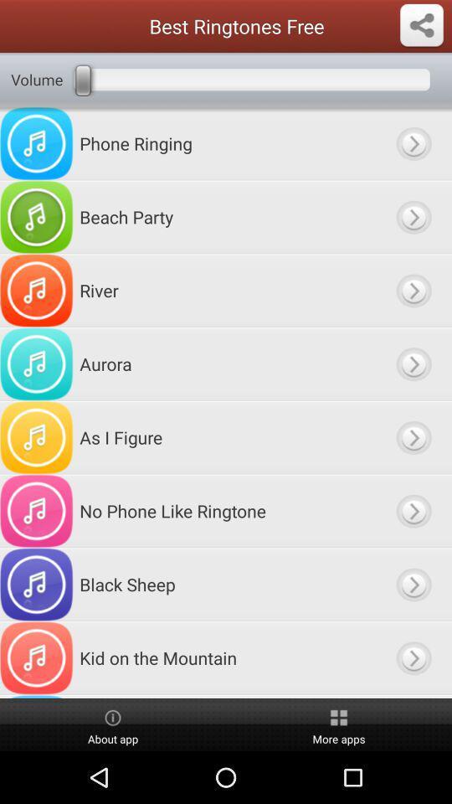  I want to click on the rington button, so click(413, 510).